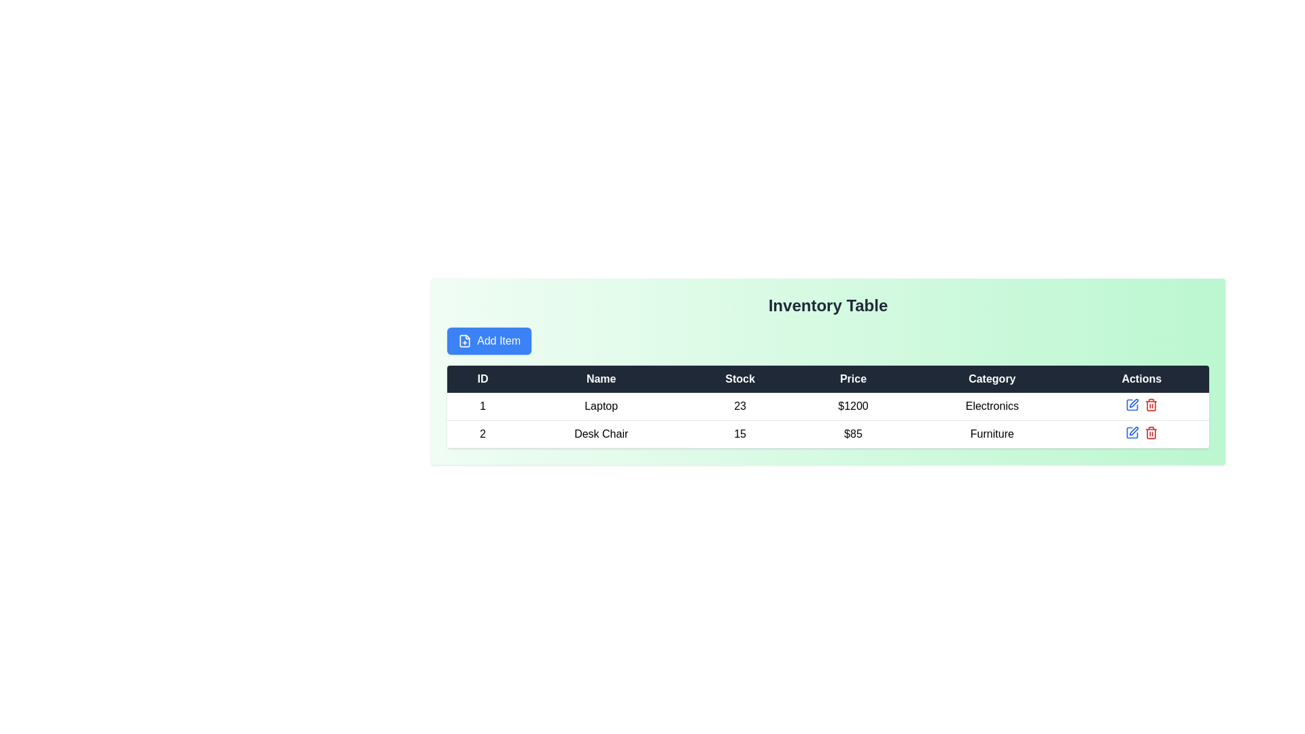 This screenshot has width=1305, height=734. Describe the element at coordinates (465, 340) in the screenshot. I see `the decorative file icon located to the left of the 'Add Item' text button in the upper section of the table component` at that location.